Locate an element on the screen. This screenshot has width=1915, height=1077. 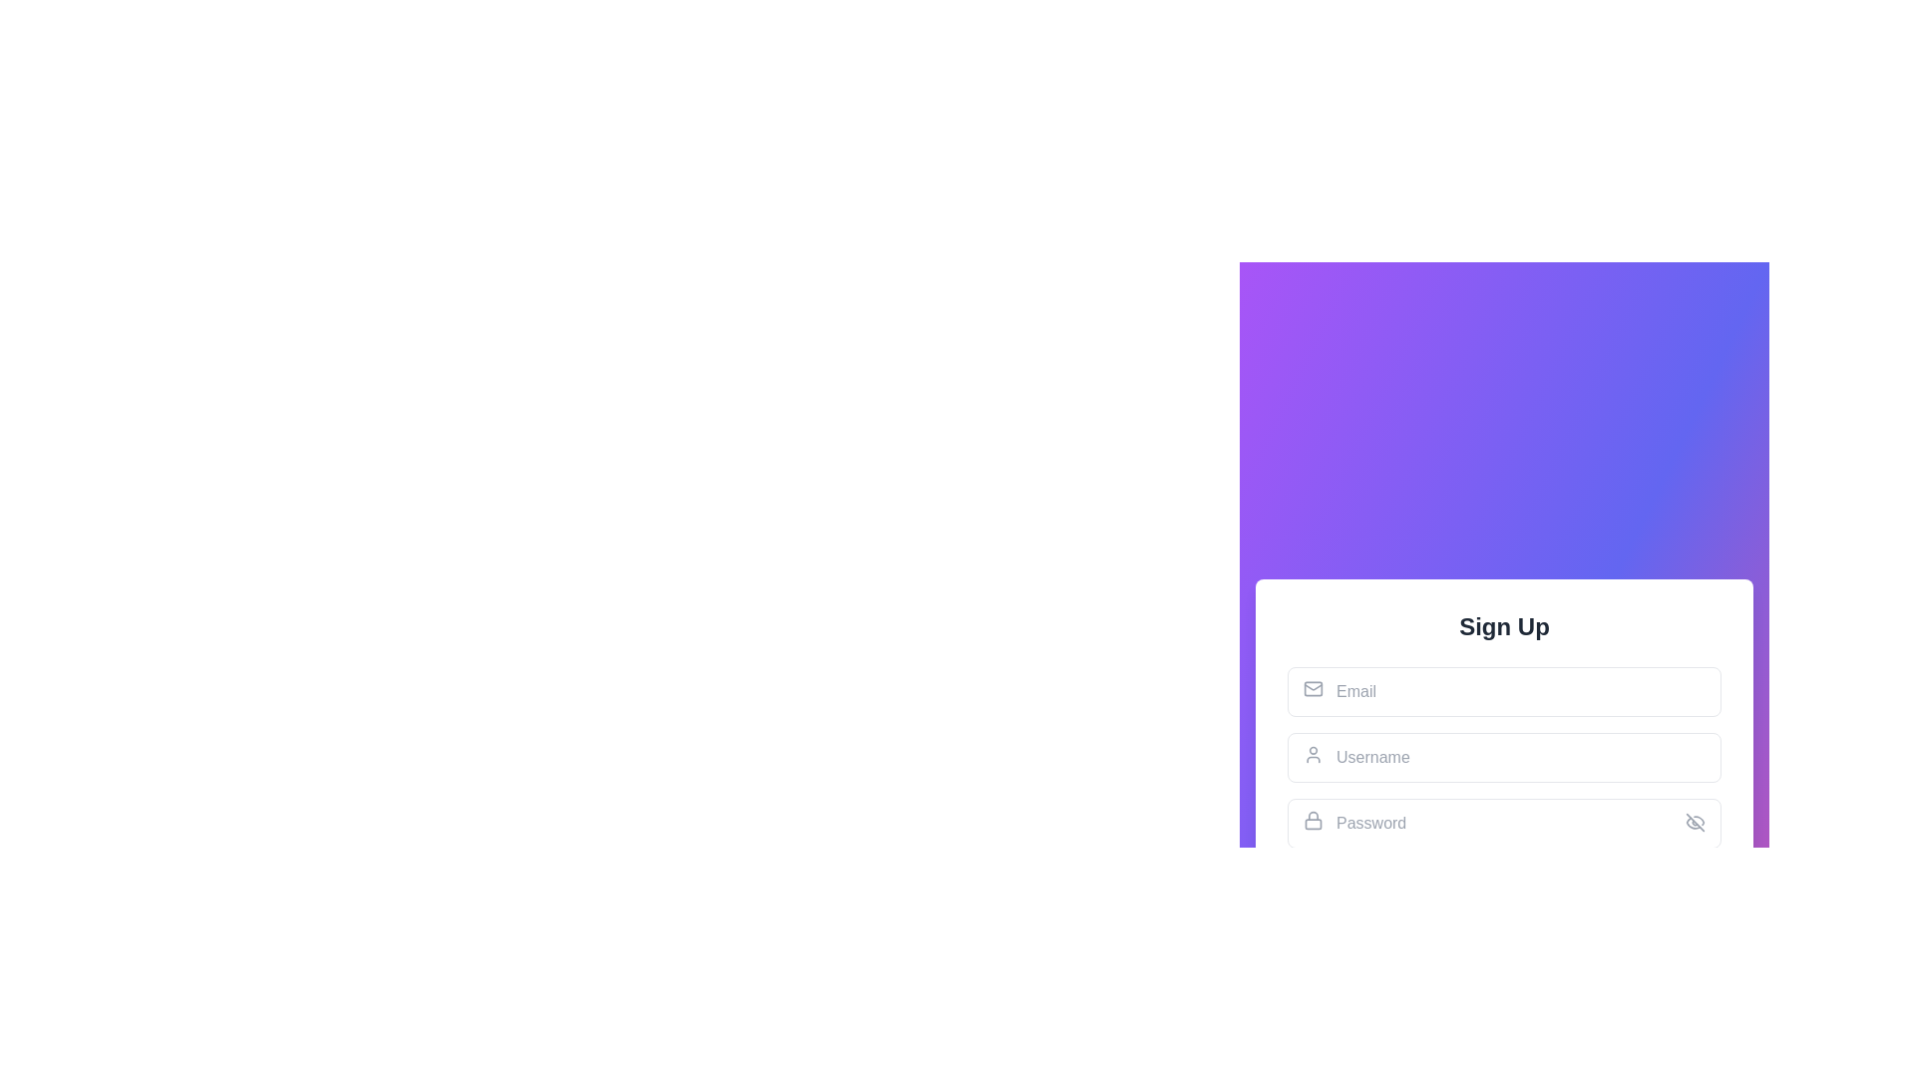
the email indicator icon, which is an envelope-style graphic located at the beginning of the email input field row is located at coordinates (1313, 687).